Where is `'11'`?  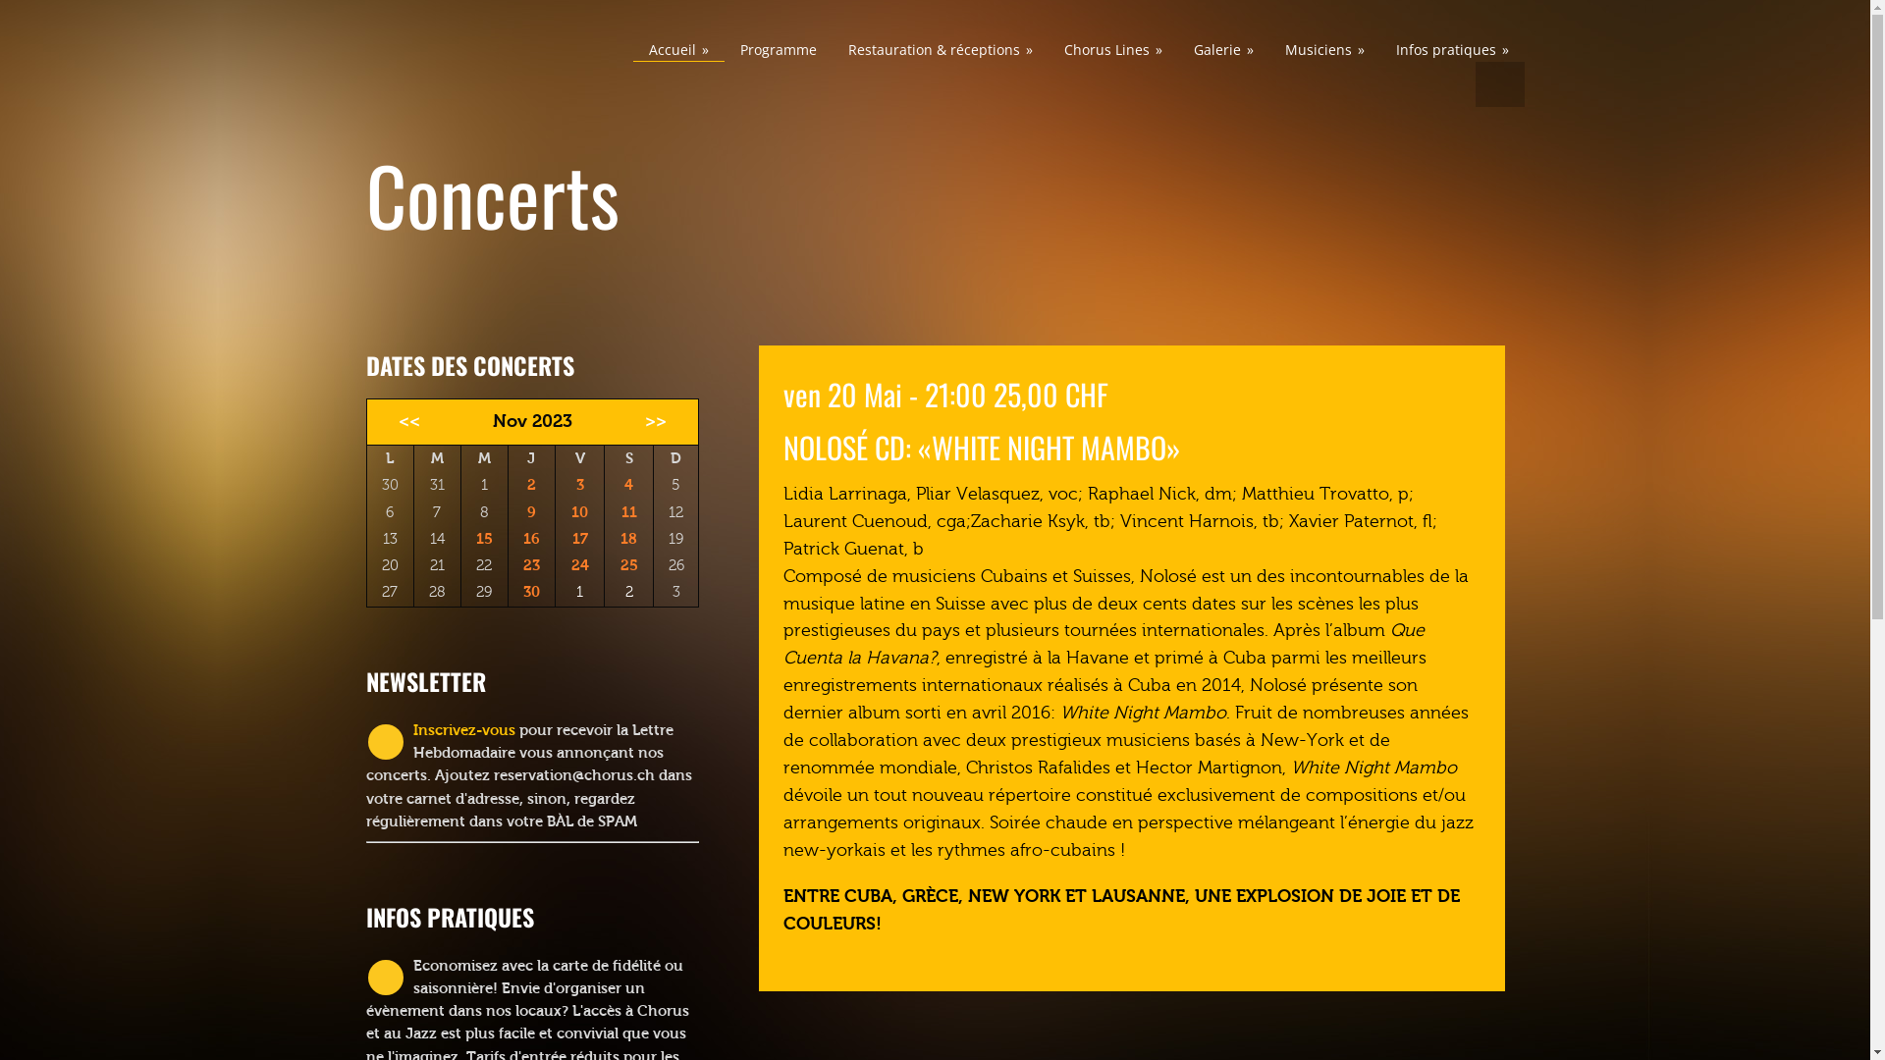 '11' is located at coordinates (629, 510).